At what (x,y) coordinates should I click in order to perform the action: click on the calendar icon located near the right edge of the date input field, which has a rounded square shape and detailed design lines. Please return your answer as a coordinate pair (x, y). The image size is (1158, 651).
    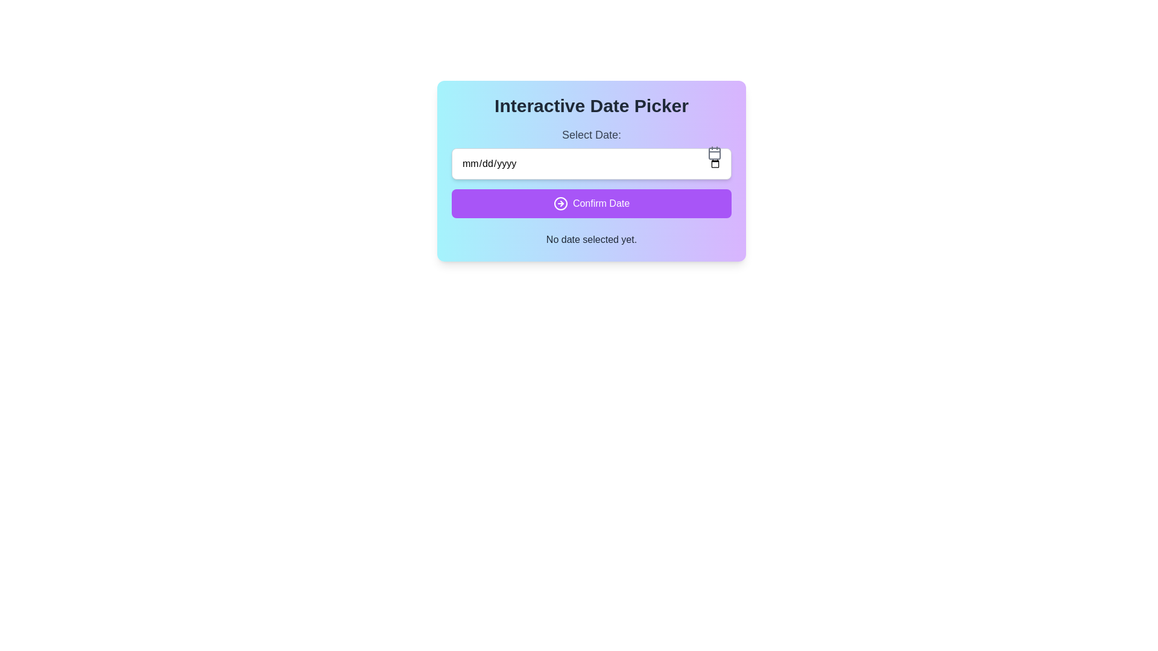
    Looking at the image, I should click on (715, 153).